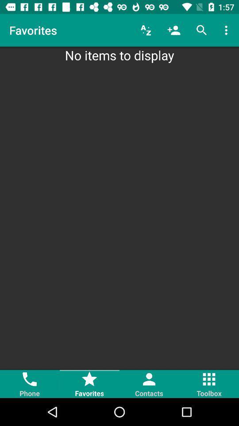 The image size is (239, 426). Describe the element at coordinates (146, 30) in the screenshot. I see `icon above the no items to icon` at that location.